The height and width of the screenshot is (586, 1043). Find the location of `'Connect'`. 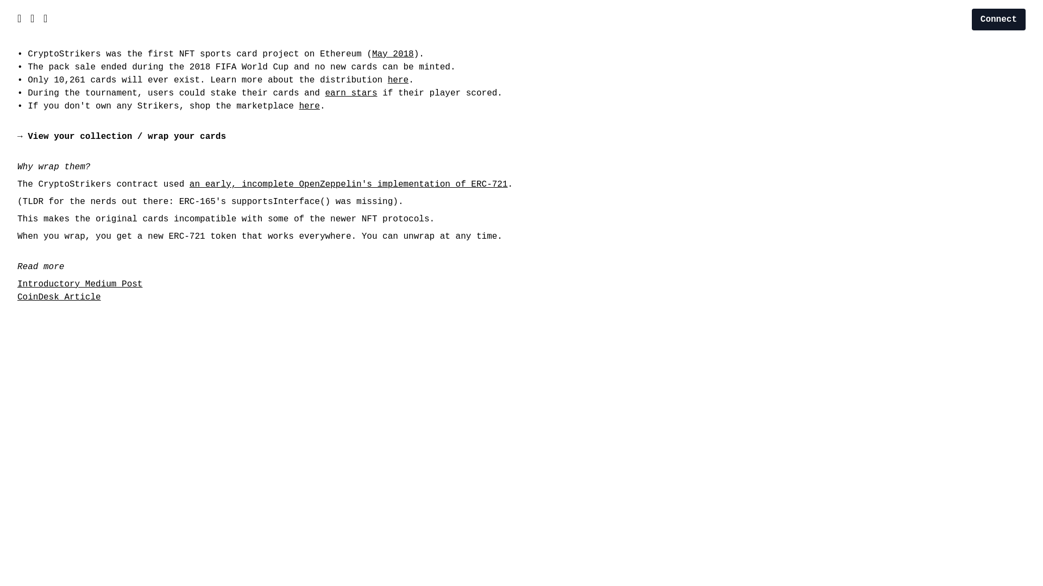

'Connect' is located at coordinates (998, 19).